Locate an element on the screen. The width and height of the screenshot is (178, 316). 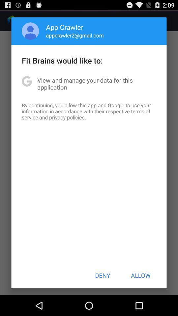
app above the fit brains would app is located at coordinates (74, 35).